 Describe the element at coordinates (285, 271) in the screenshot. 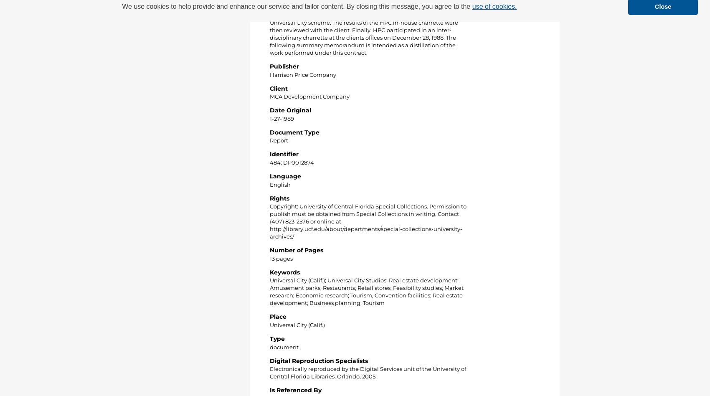

I see `'Keywords'` at that location.